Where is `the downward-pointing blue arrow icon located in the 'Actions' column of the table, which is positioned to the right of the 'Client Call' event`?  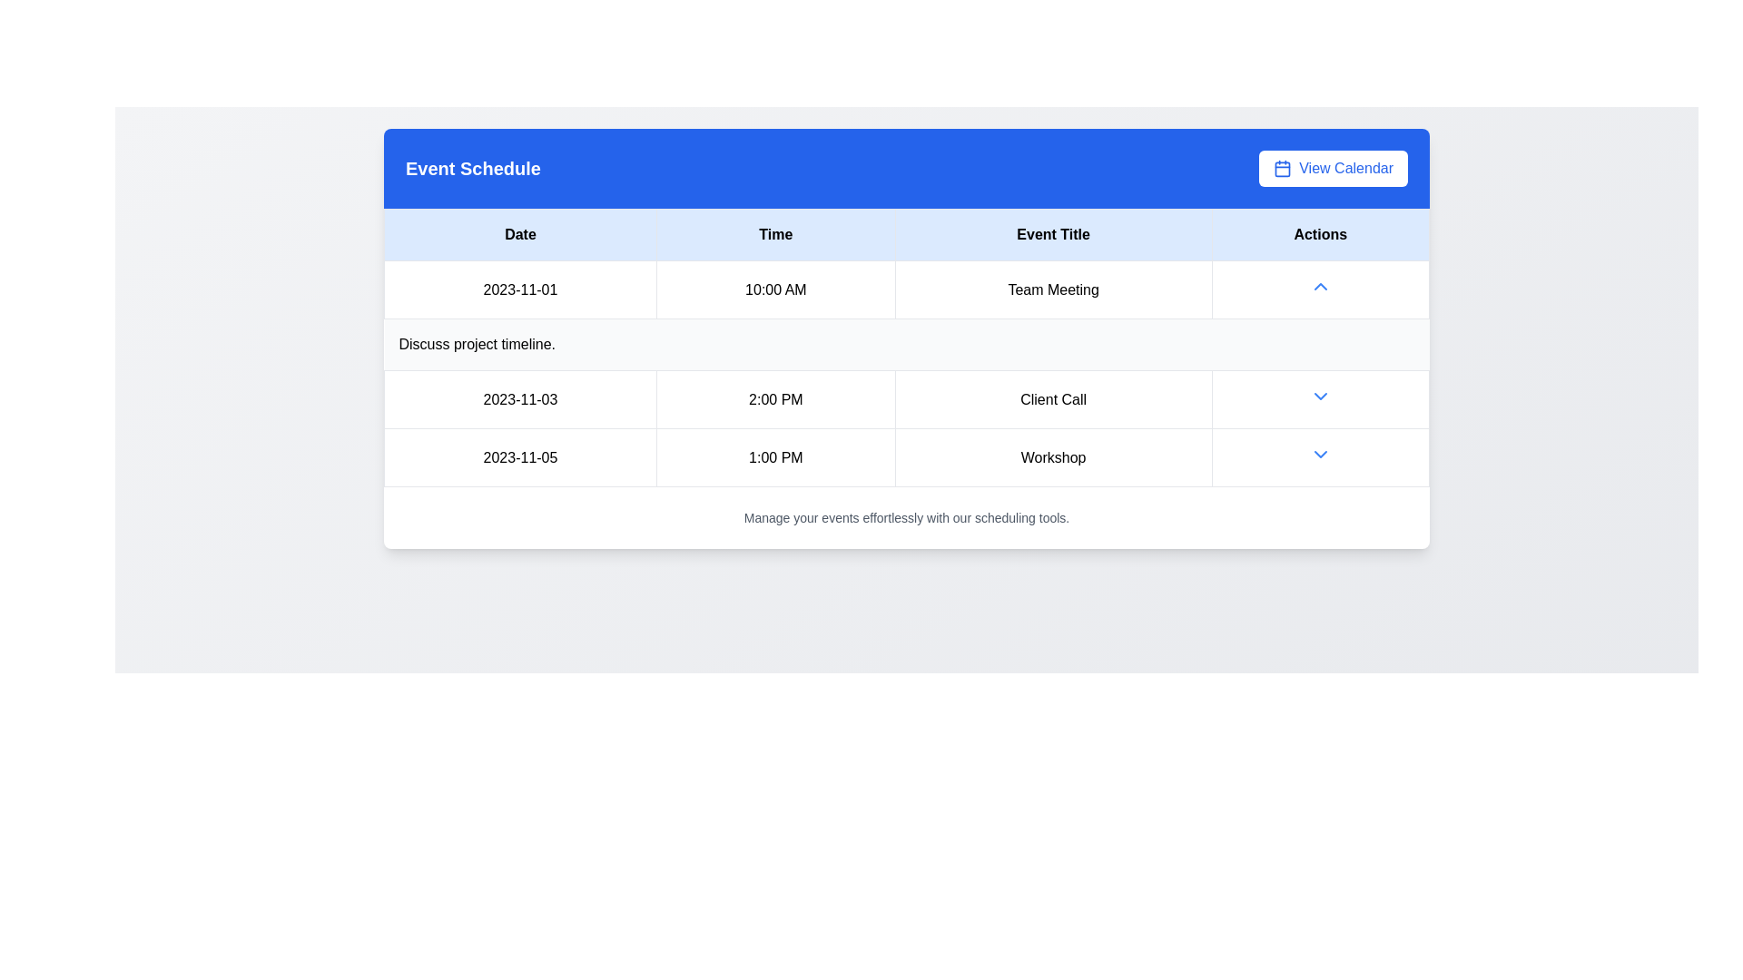 the downward-pointing blue arrow icon located in the 'Actions' column of the table, which is positioned to the right of the 'Client Call' event is located at coordinates (1320, 398).